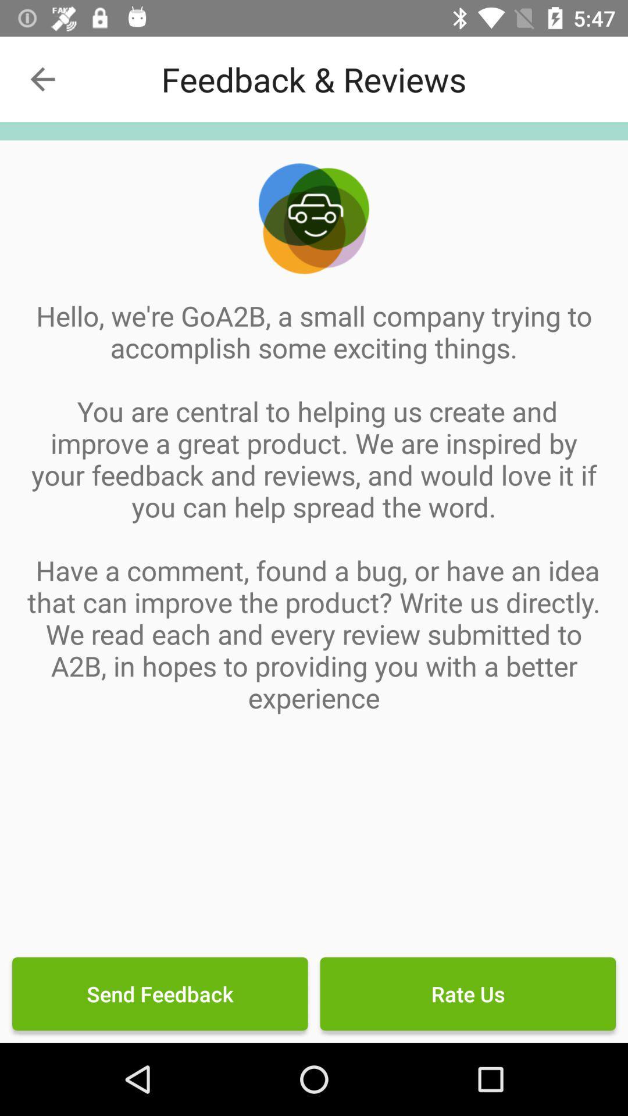 The width and height of the screenshot is (628, 1116). Describe the element at coordinates (160, 993) in the screenshot. I see `the item to the left of the rate us item` at that location.